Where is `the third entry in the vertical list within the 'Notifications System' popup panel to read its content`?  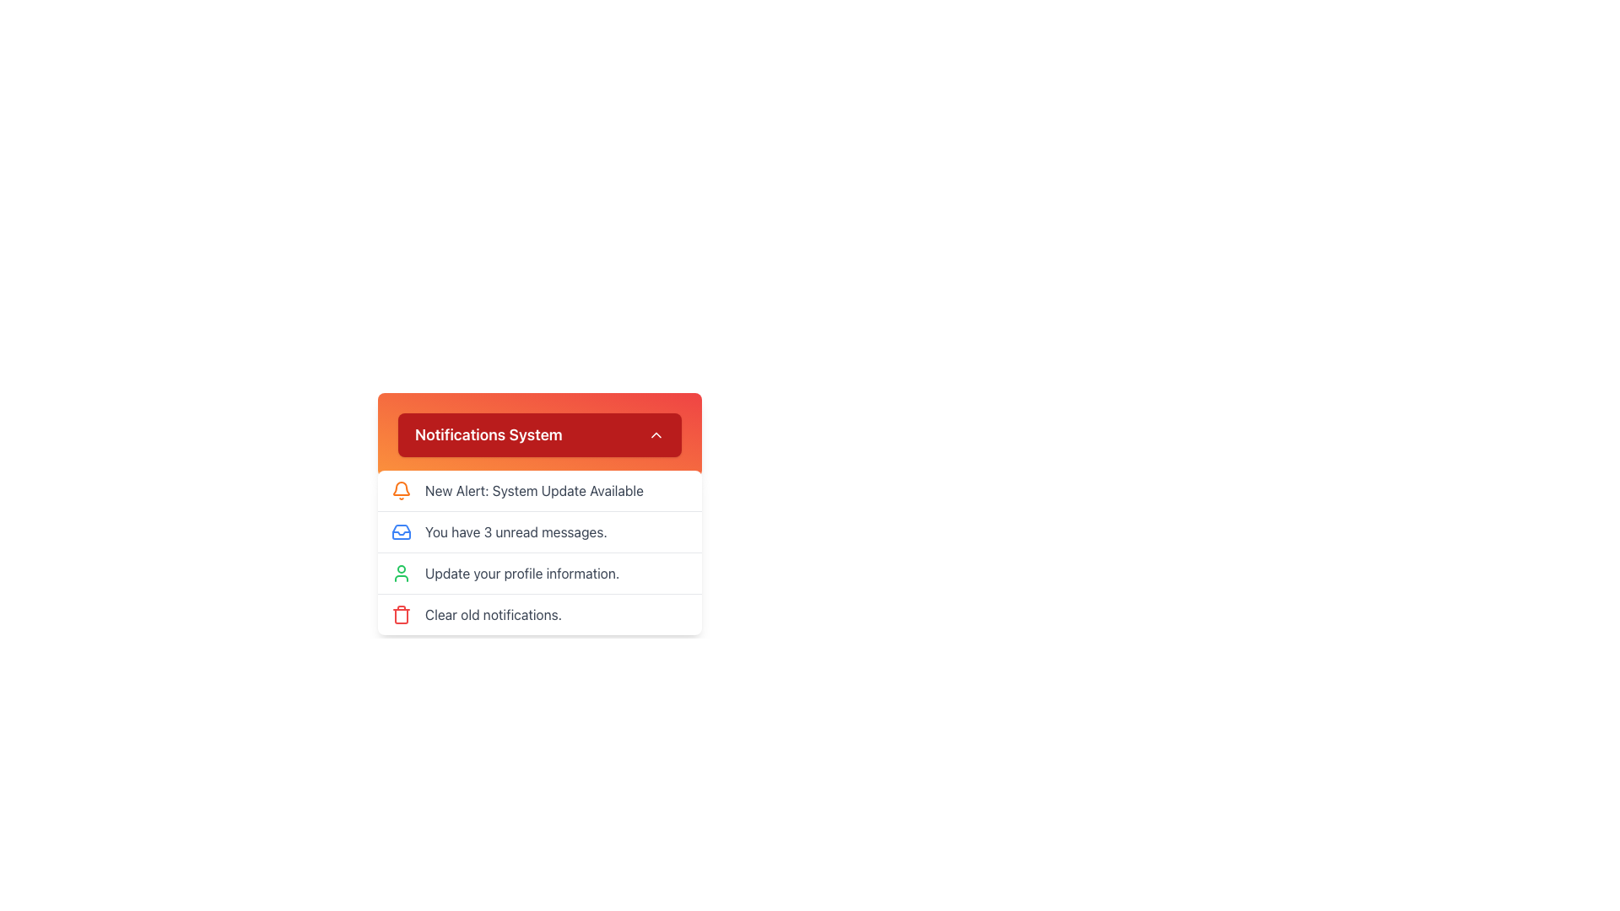 the third entry in the vertical list within the 'Notifications System' popup panel to read its content is located at coordinates (538, 553).